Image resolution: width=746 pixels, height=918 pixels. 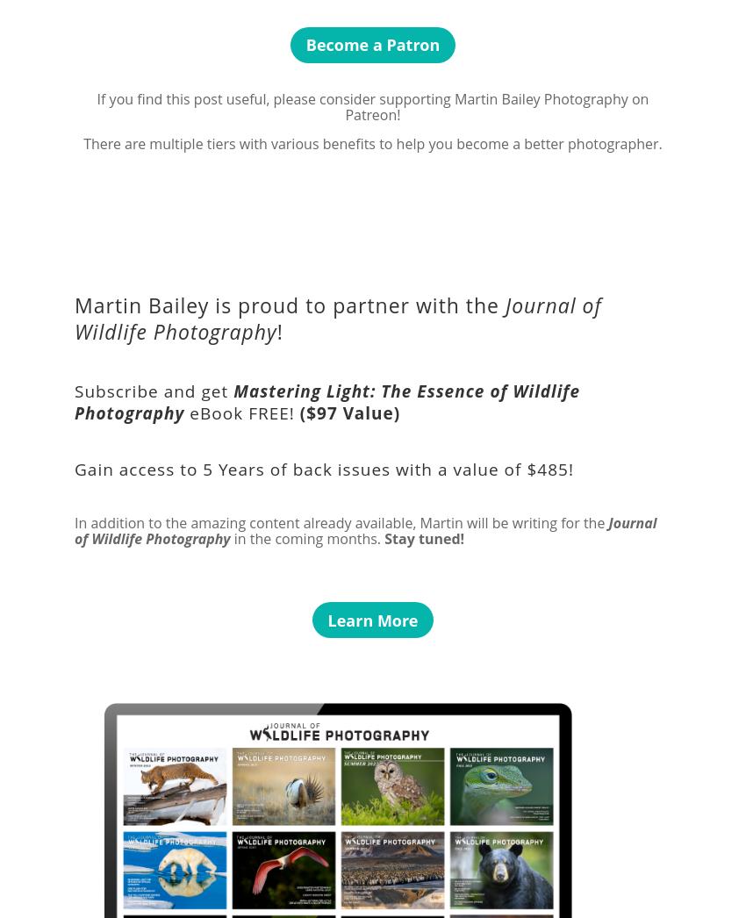 What do you see at coordinates (228, 537) in the screenshot?
I see `'in the coming months.'` at bounding box center [228, 537].